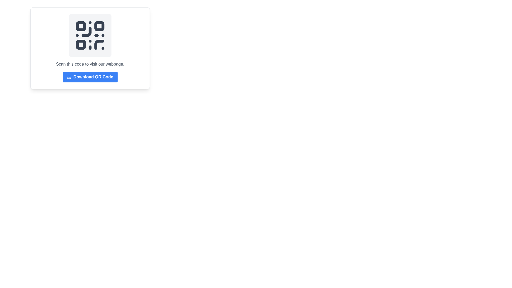  What do you see at coordinates (90, 77) in the screenshot?
I see `the download QR code button located at the bottom of the card layout to change its color` at bounding box center [90, 77].